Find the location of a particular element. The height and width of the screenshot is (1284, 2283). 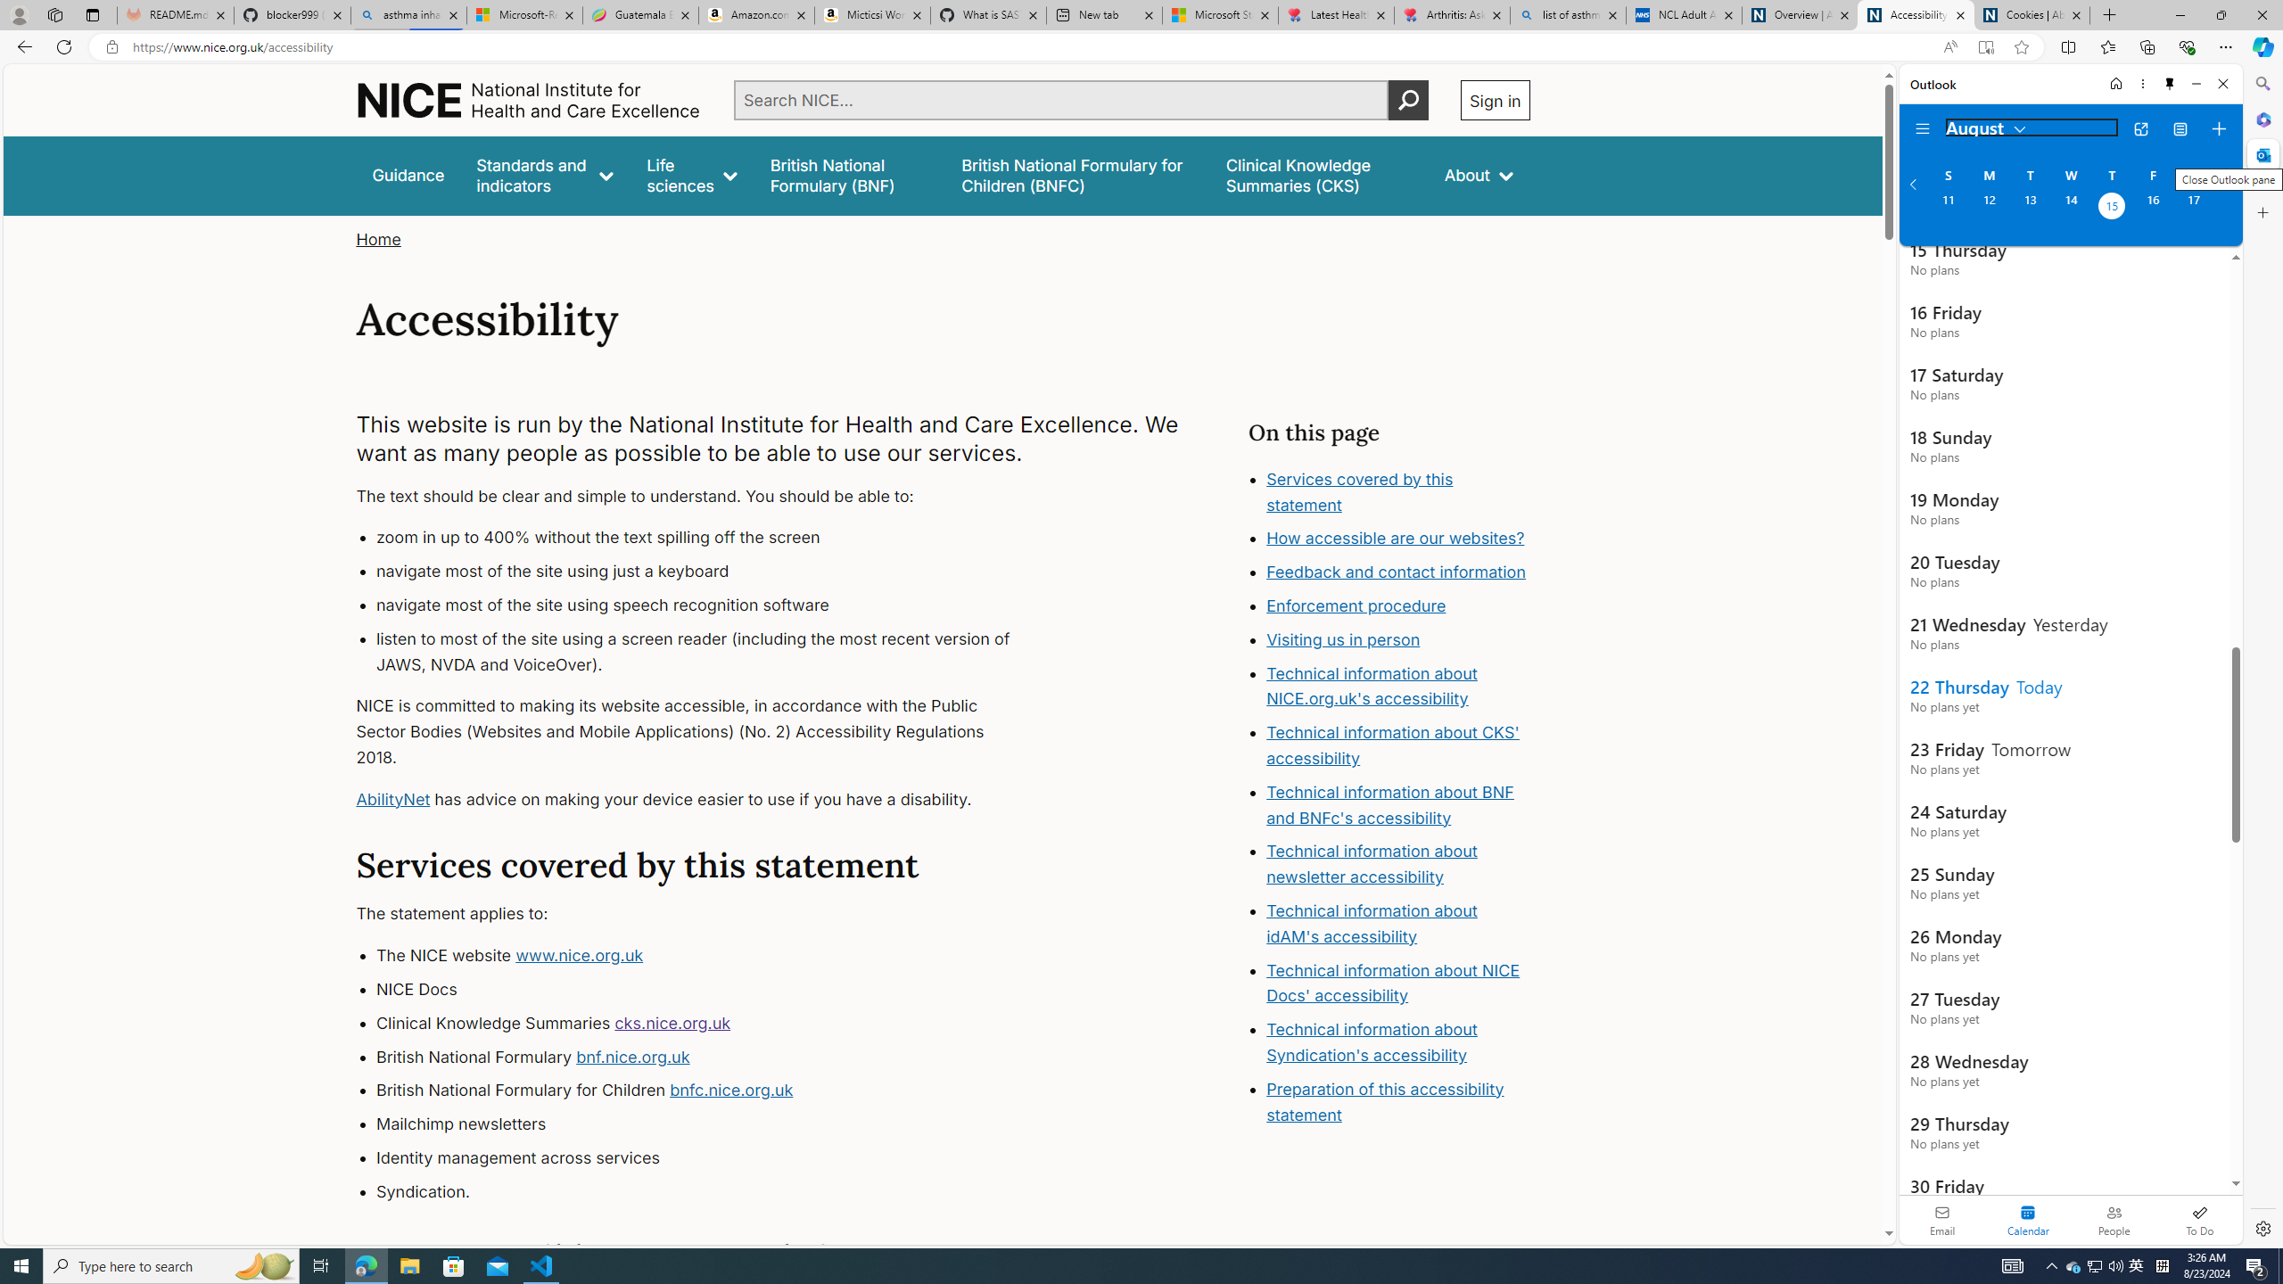

'navigate most of the site using just a keyboard' is located at coordinates (709, 571).